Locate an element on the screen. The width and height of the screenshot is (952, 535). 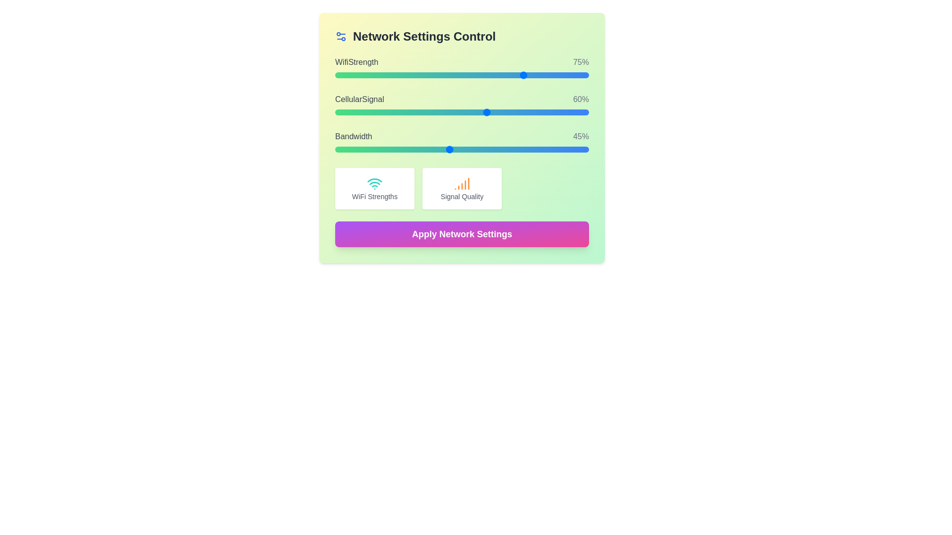
the Text Label that serves as a heading for the settings section, located at the top and aligned to the left of the settings gear icon is located at coordinates (424, 36).